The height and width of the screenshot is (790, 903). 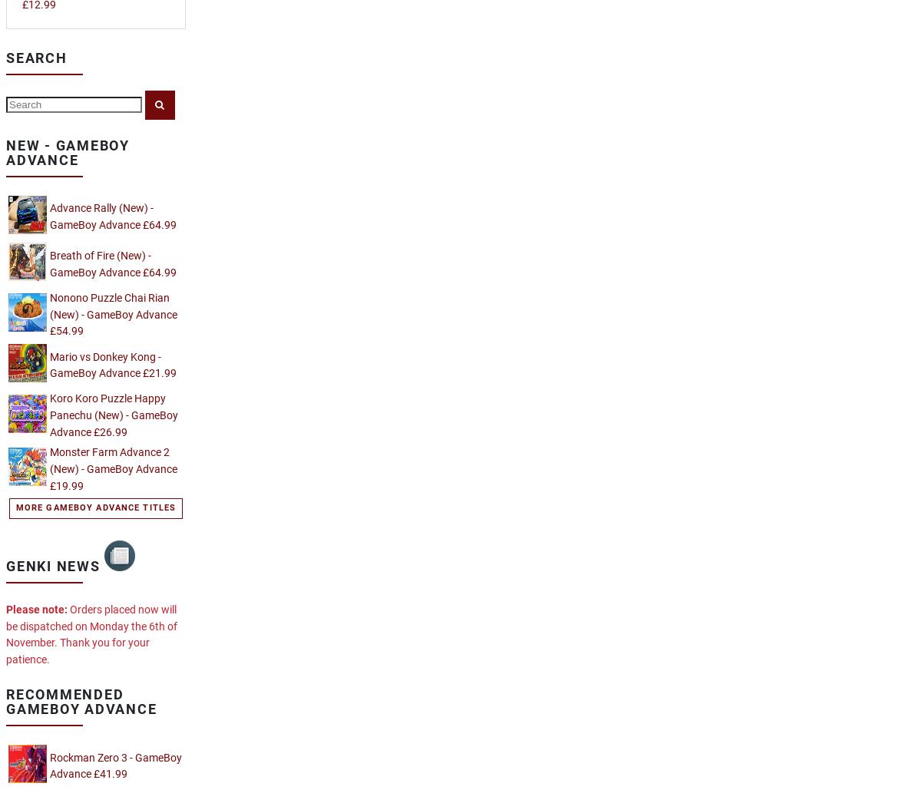 I want to click on 'Monster Farm Advance 2 (New) - GameBoy Advance £19.99', so click(x=114, y=469).